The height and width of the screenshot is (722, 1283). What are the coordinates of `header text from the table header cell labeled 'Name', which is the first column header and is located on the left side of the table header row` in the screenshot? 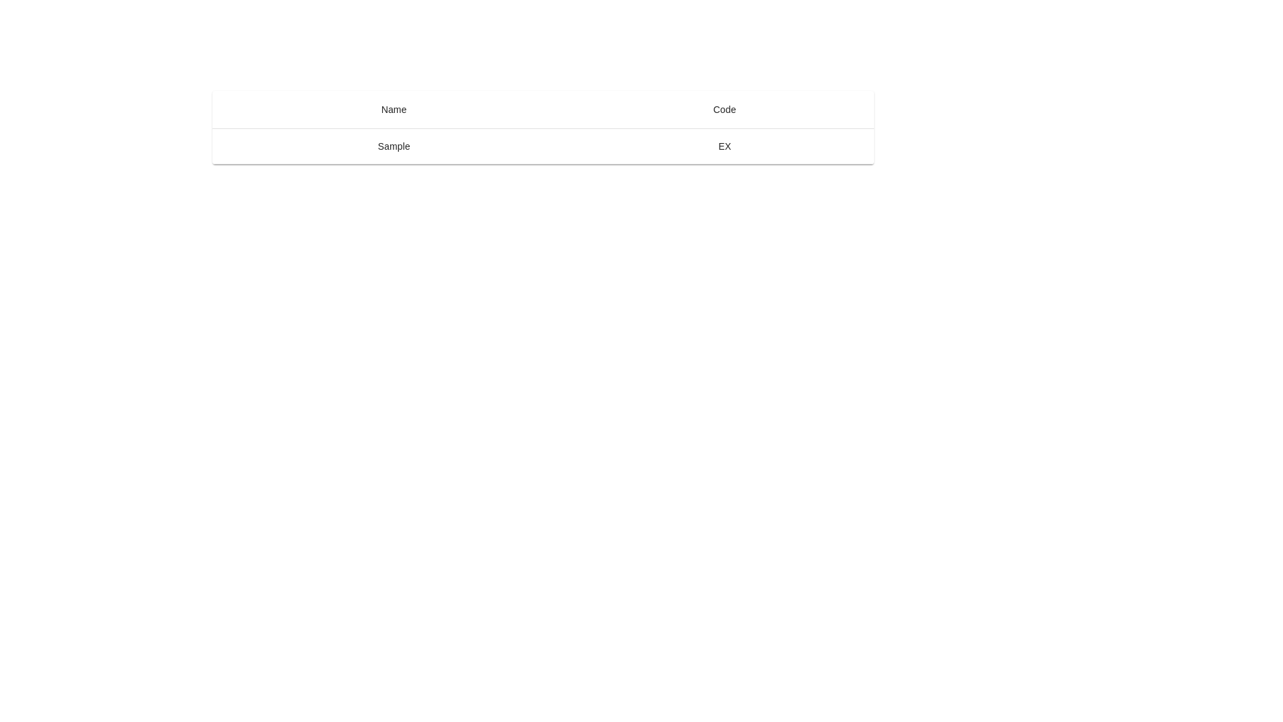 It's located at (393, 109).